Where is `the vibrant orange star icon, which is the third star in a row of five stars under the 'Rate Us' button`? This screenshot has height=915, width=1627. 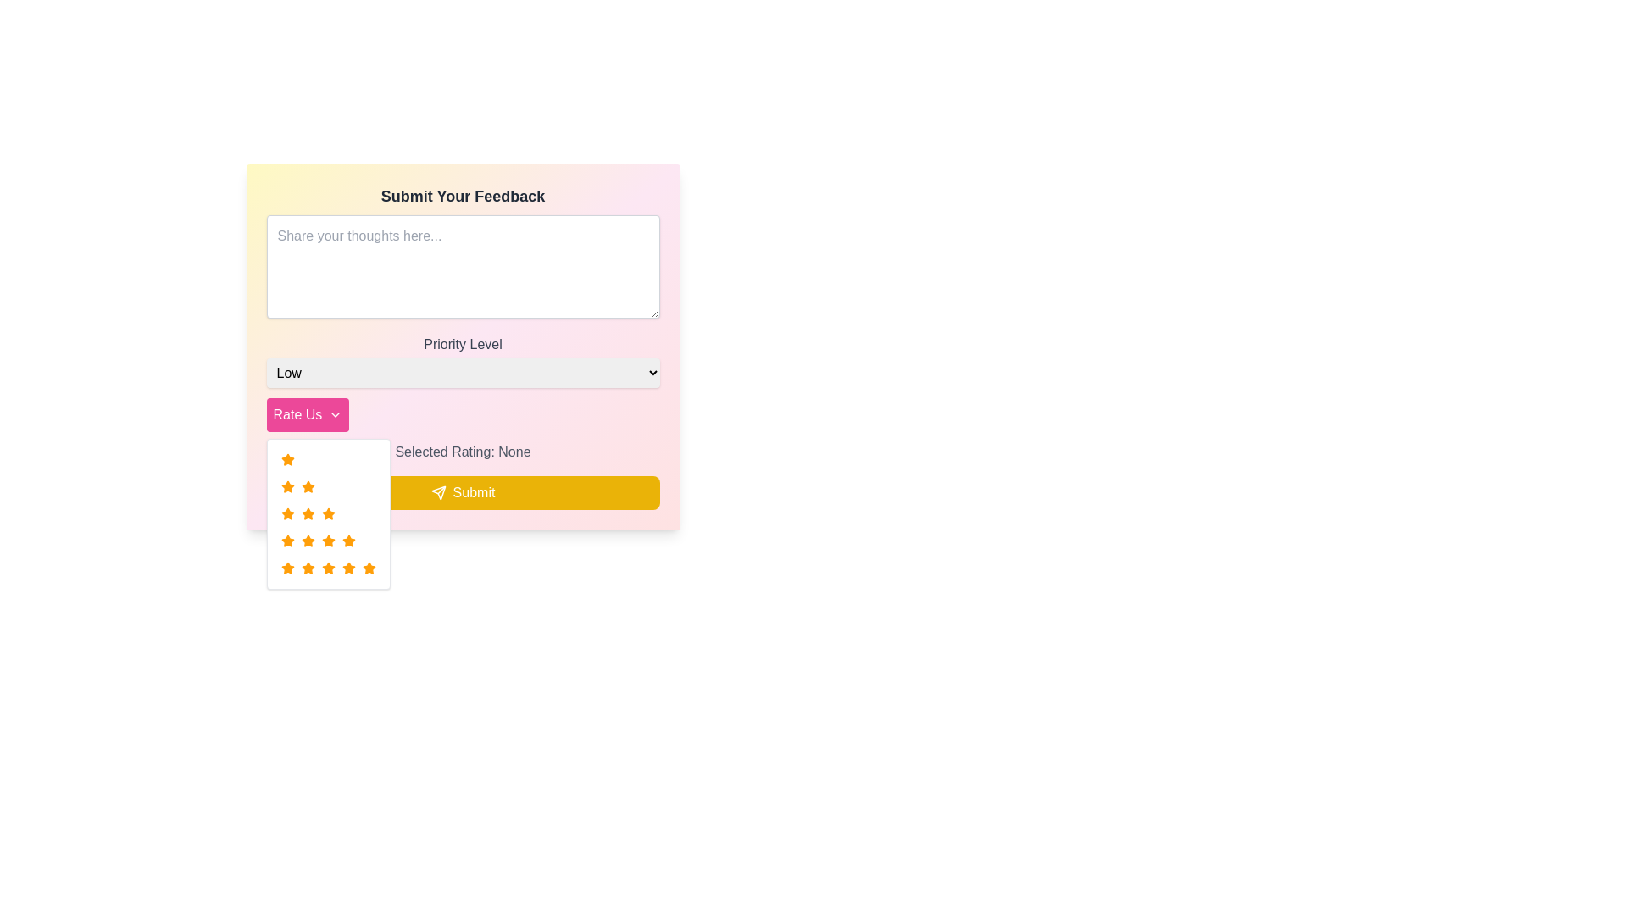 the vibrant orange star icon, which is the third star in a row of five stars under the 'Rate Us' button is located at coordinates (308, 541).